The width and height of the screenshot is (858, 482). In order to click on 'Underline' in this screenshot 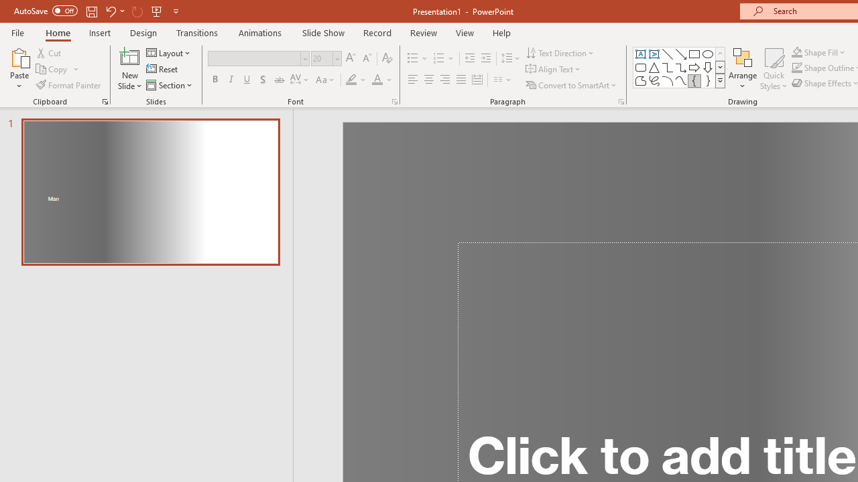, I will do `click(247, 80)`.